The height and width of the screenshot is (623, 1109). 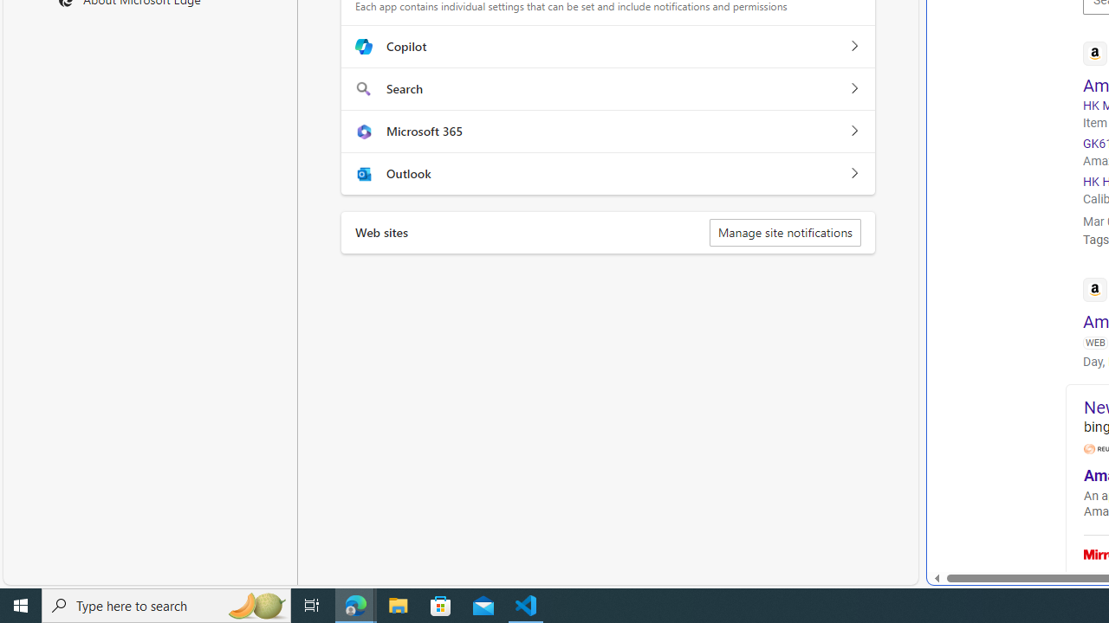 What do you see at coordinates (784, 231) in the screenshot?
I see `'Manage site notifications'` at bounding box center [784, 231].